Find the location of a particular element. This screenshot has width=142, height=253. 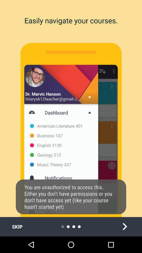

the arrow_forward icon is located at coordinates (124, 226).